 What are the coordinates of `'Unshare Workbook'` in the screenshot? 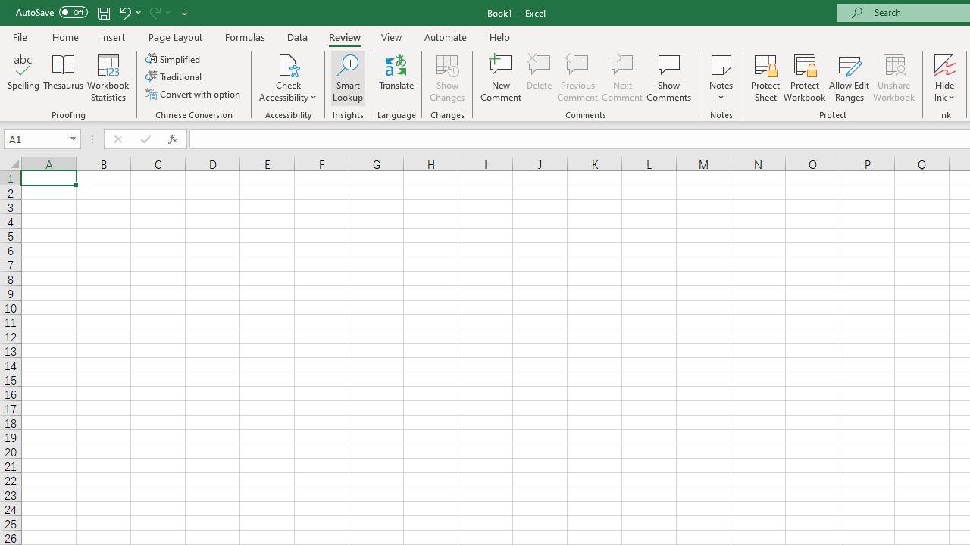 It's located at (893, 78).